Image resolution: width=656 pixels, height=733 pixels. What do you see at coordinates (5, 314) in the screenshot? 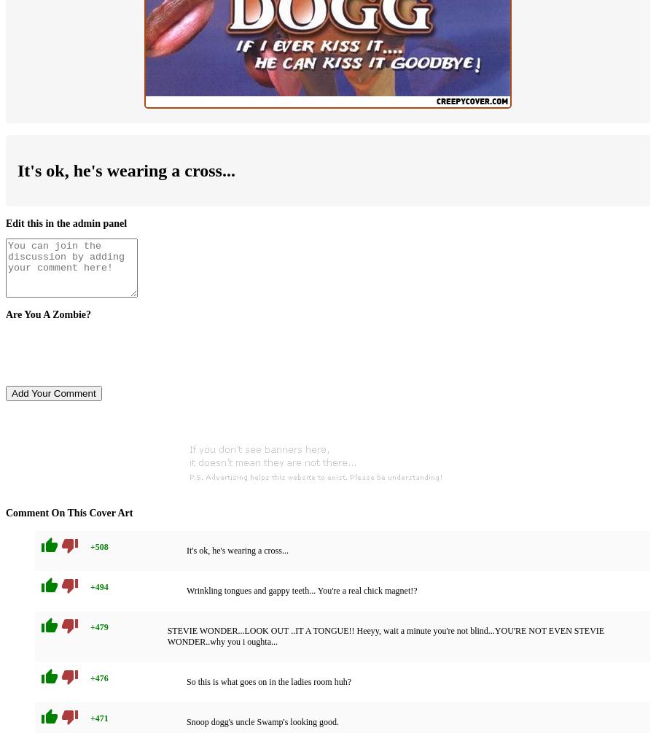
I see `'Are You A Zombie?'` at bounding box center [5, 314].